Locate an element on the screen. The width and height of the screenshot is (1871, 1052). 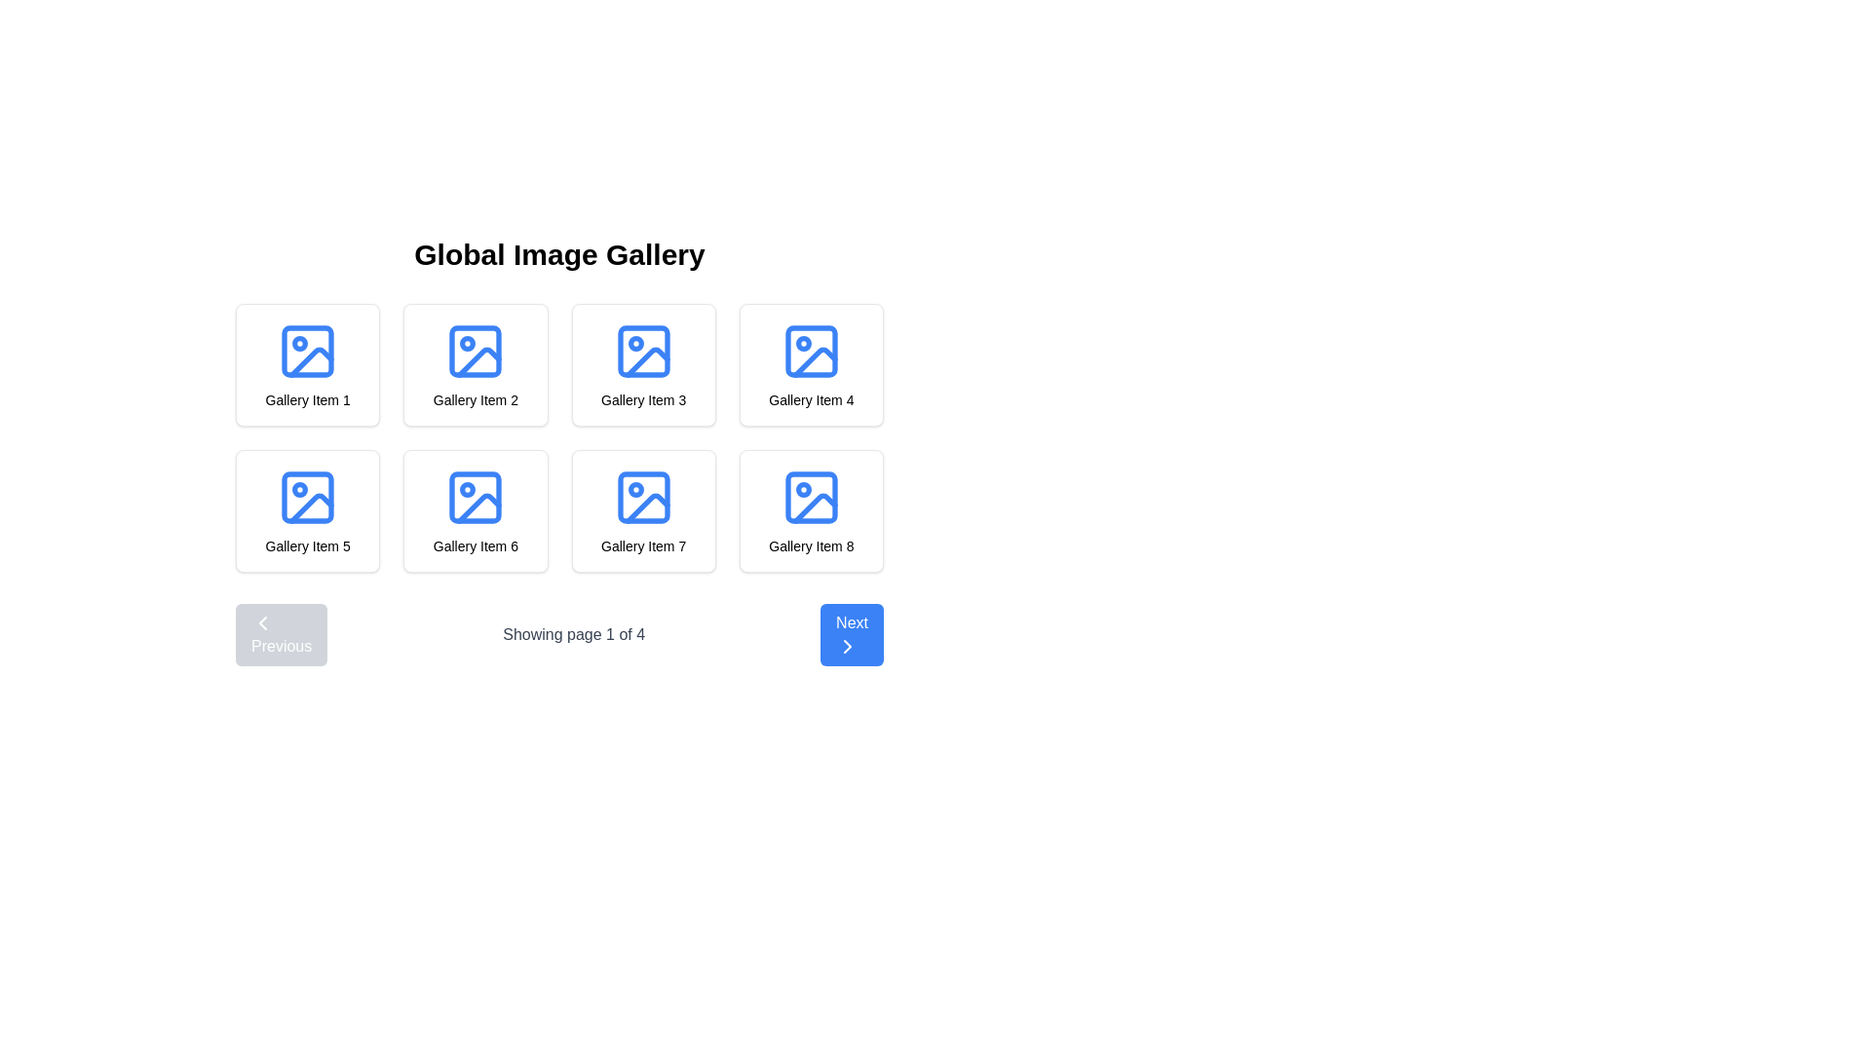
the text segment labeled 'Gallery Item 6', which is styled with a small font size and located below an image placeholder in the second row, second column of the gallery grid is located at coordinates (476, 545).